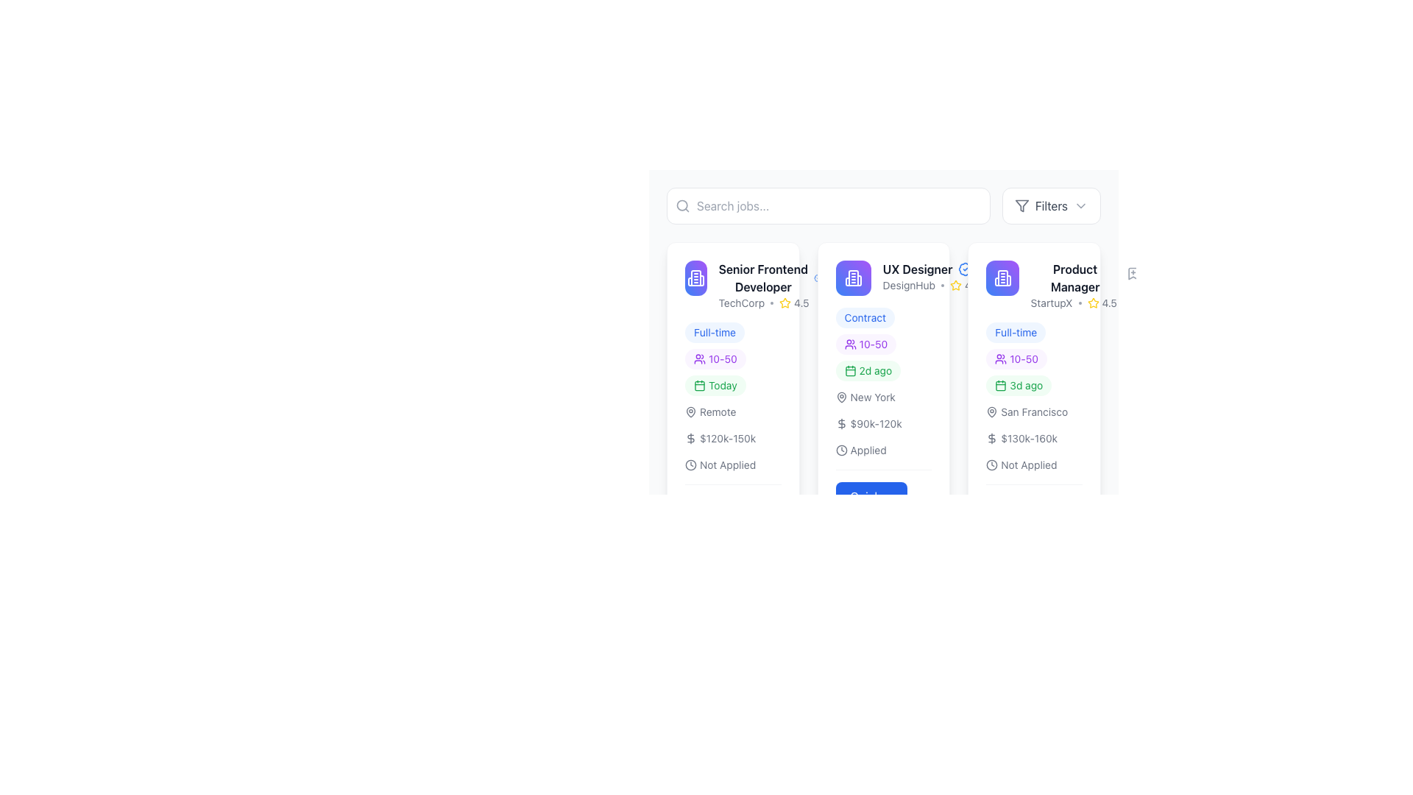  What do you see at coordinates (733, 438) in the screenshot?
I see `the informative text block with associated icons that displays 'Remote', '$120k-150k', and 'Not Applied' within the leftmost job card for the 'Senior Frontend Developer' position` at bounding box center [733, 438].